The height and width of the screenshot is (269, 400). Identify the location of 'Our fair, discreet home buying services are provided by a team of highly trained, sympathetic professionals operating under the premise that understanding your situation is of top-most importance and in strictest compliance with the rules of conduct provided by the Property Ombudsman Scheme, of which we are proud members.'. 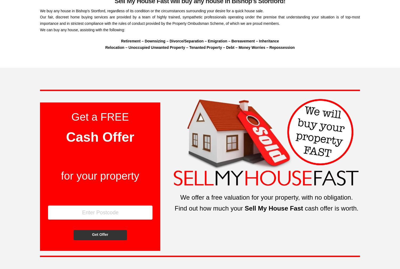
(200, 20).